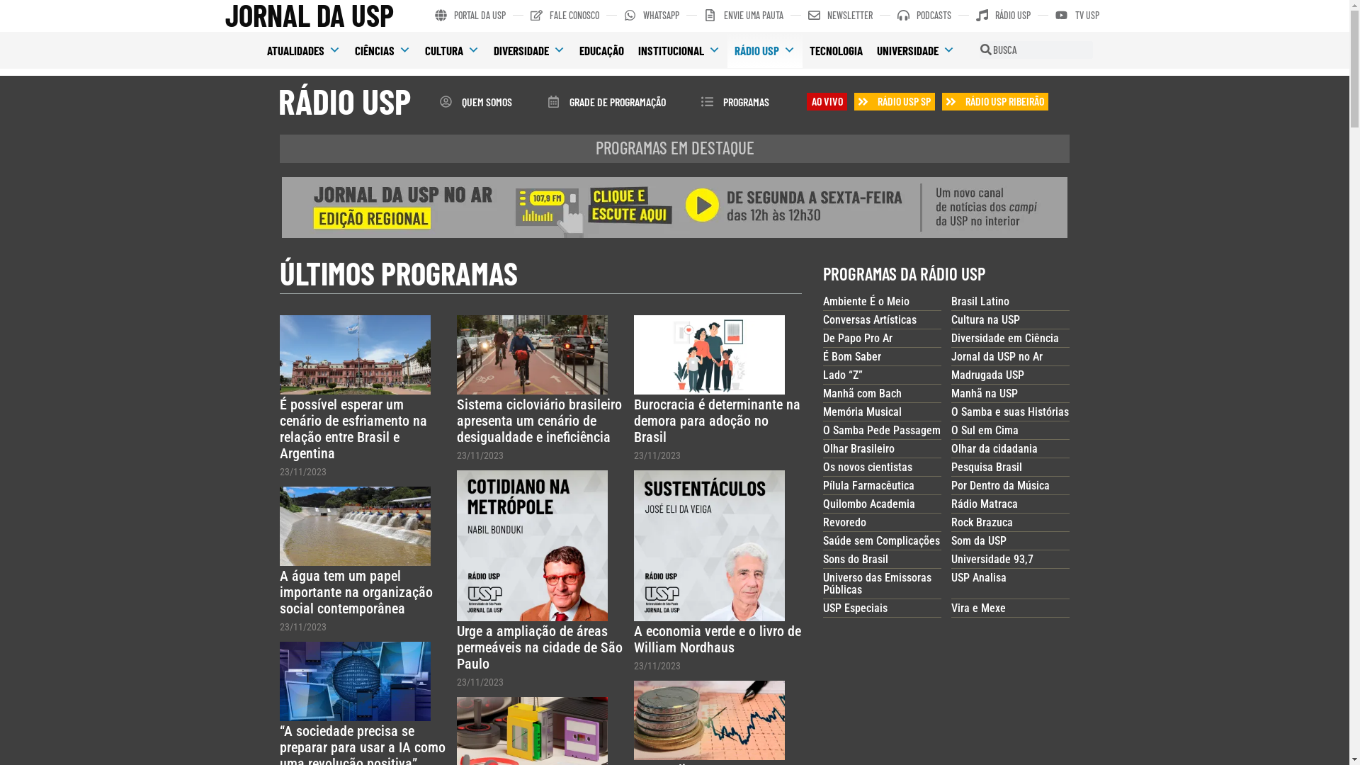  Describe the element at coordinates (822, 467) in the screenshot. I see `'Os novos cientistas'` at that location.